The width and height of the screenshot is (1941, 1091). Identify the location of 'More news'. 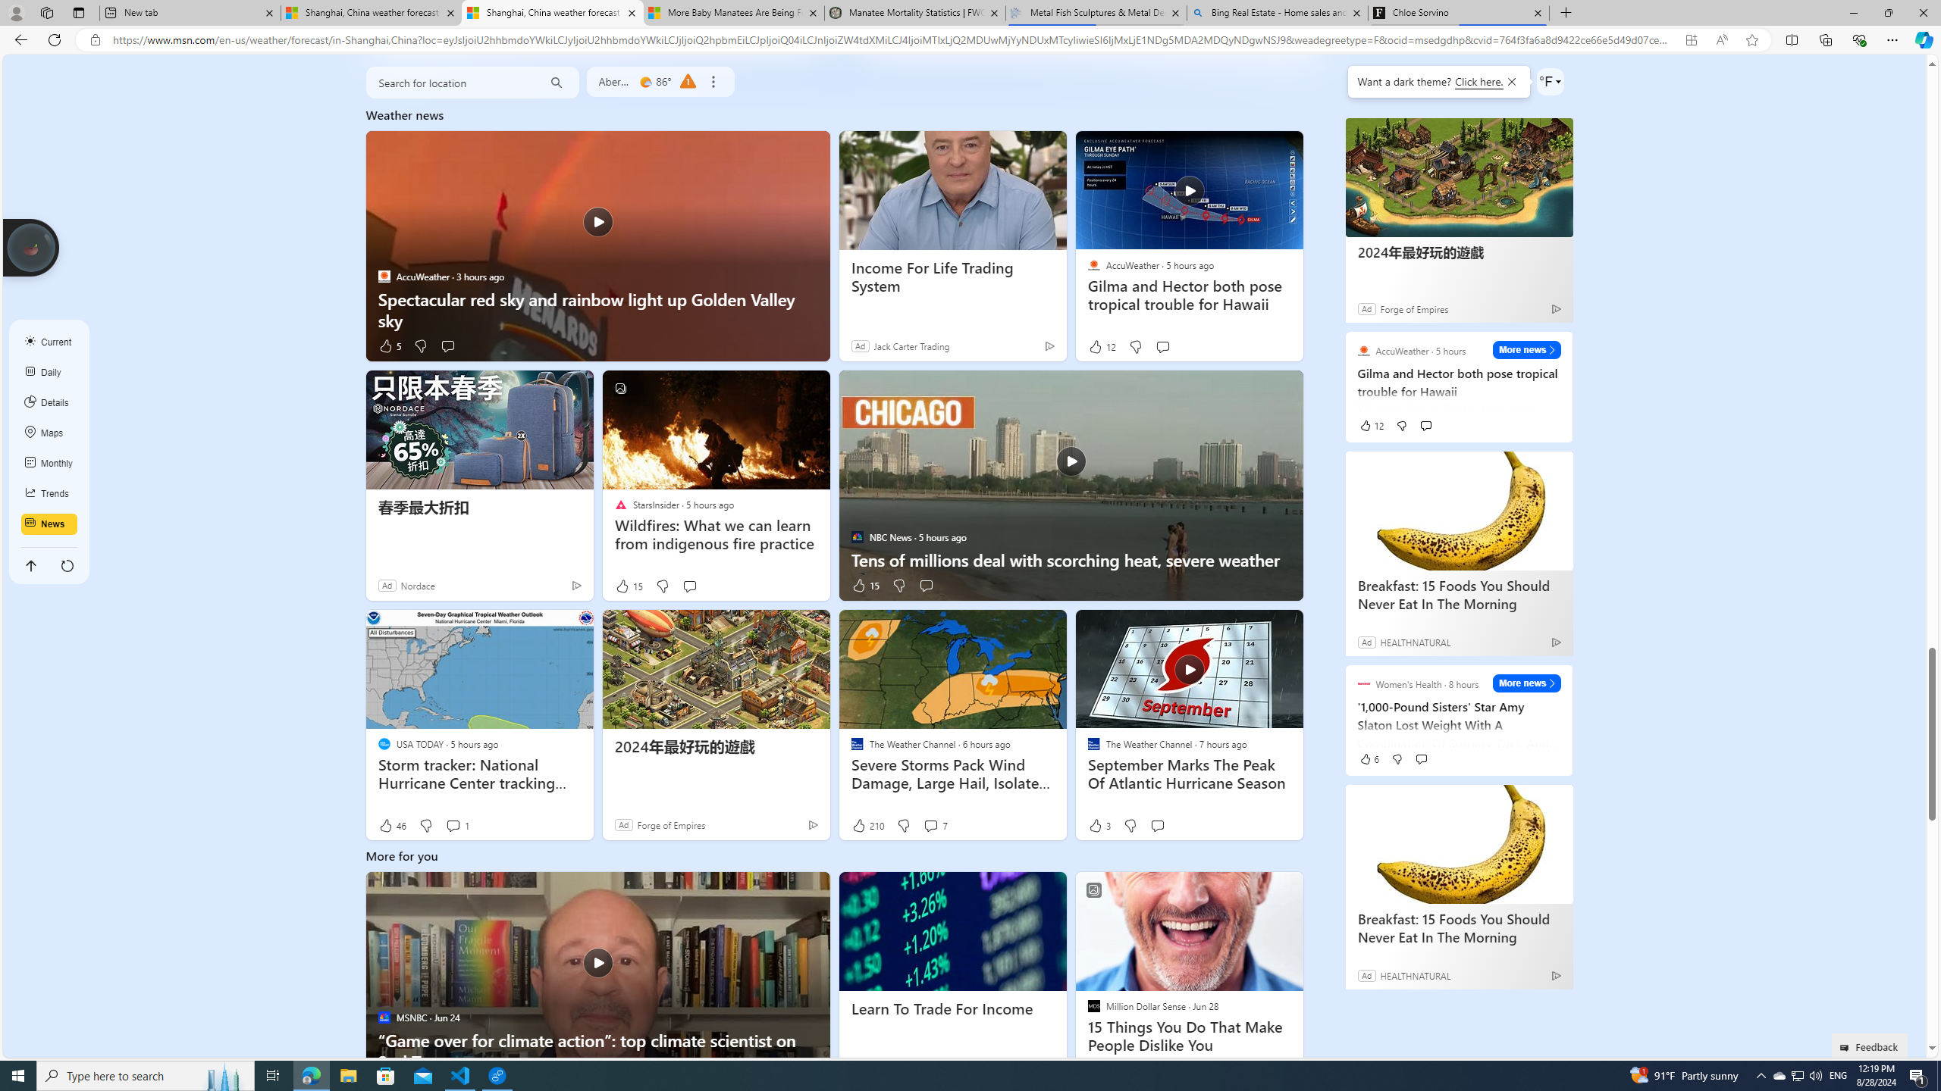
(1526, 683).